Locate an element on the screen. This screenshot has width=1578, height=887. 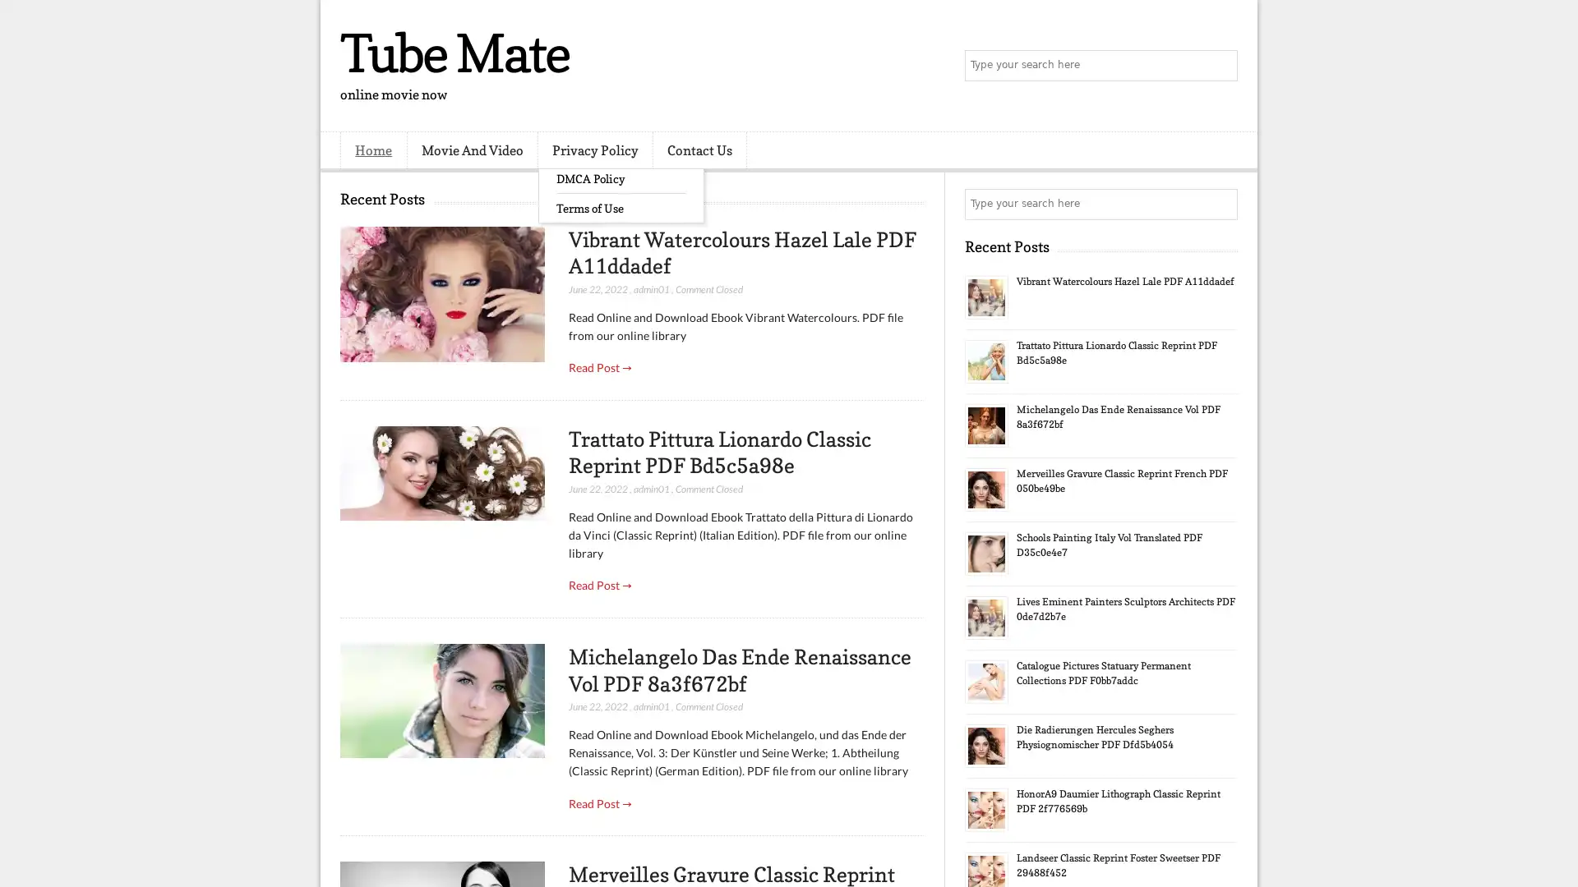
Search is located at coordinates (1220, 66).